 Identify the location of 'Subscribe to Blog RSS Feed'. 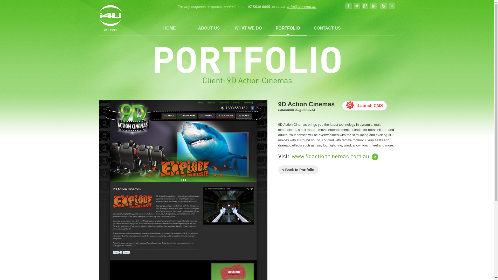
(392, 6).